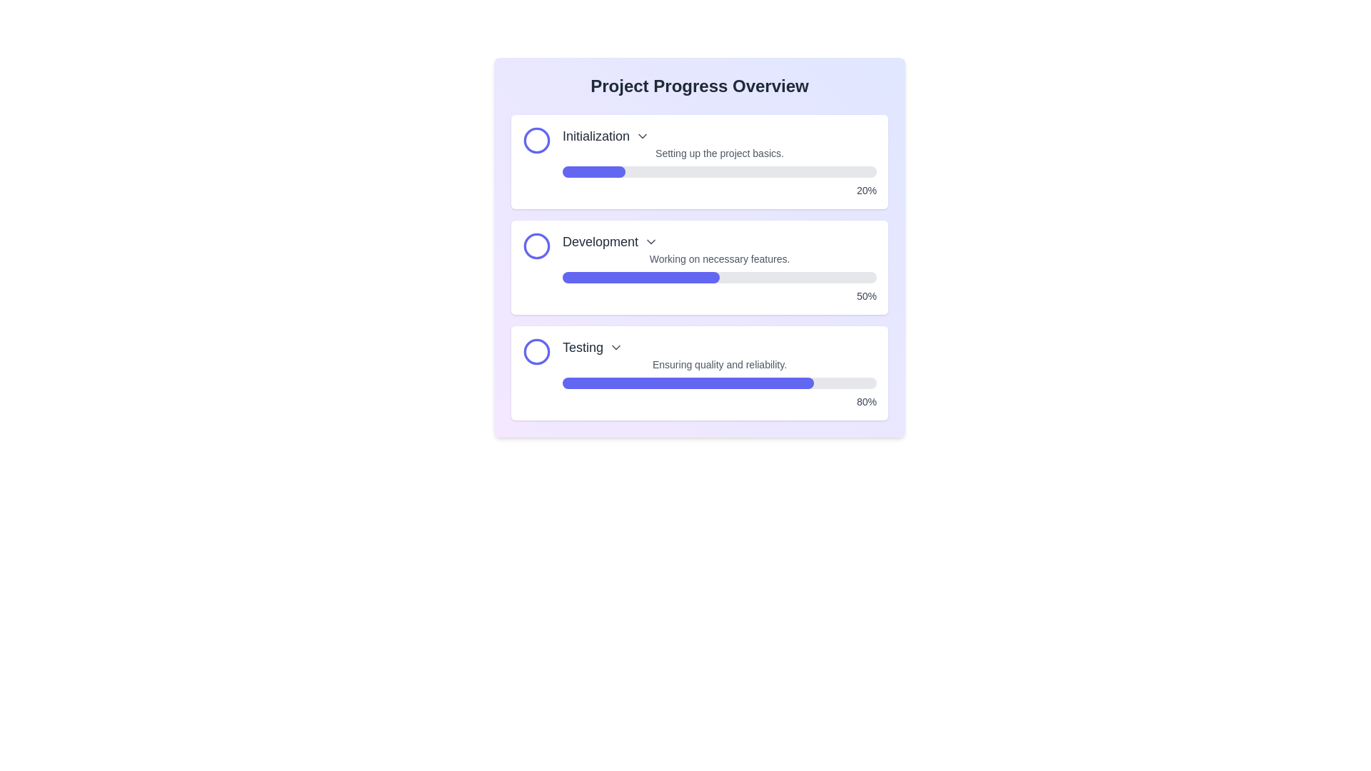 The width and height of the screenshot is (1371, 771). Describe the element at coordinates (720, 373) in the screenshot. I see `supplementary text of the third progress block in the vertical list, which indicates 80% completion of the 'Testing' stage` at that location.